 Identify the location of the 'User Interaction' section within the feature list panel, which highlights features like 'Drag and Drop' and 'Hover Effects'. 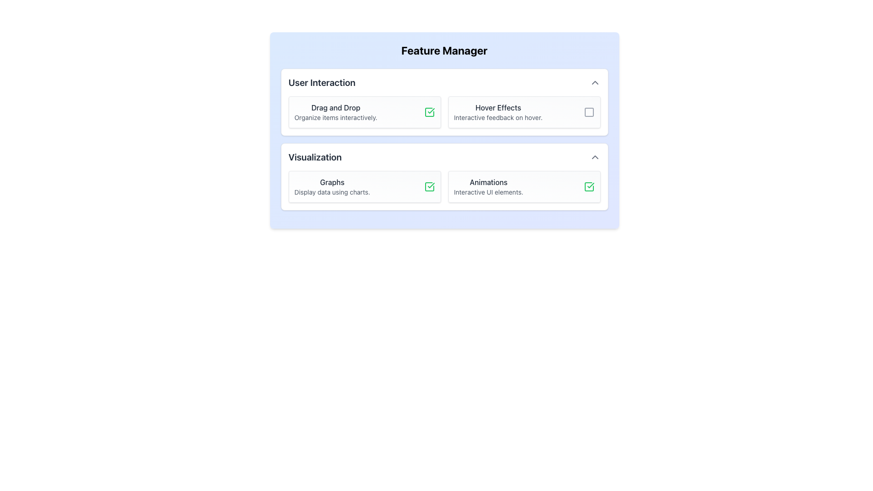
(444, 102).